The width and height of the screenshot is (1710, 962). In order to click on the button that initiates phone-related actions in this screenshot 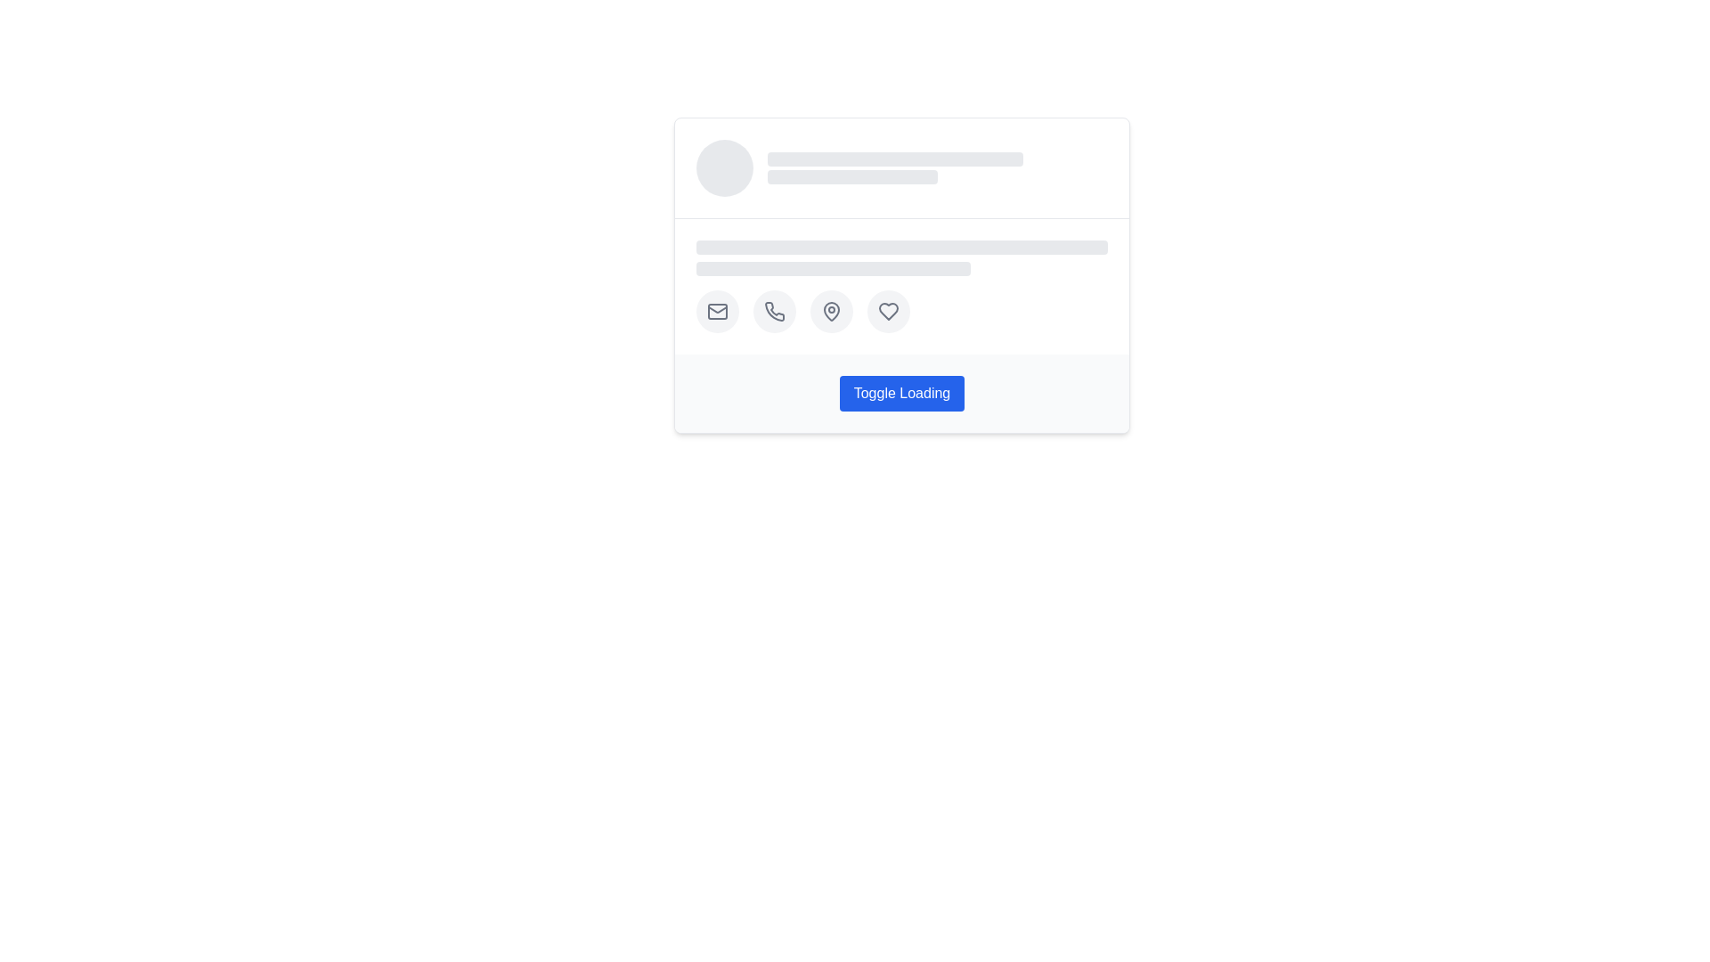, I will do `click(774, 311)`.